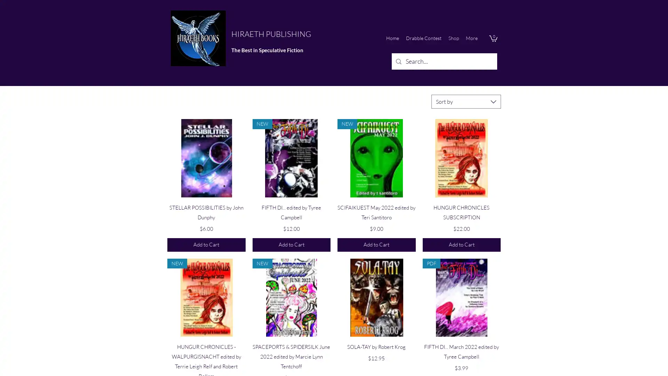 This screenshot has height=376, width=668. I want to click on Quick View, so click(376, 205).